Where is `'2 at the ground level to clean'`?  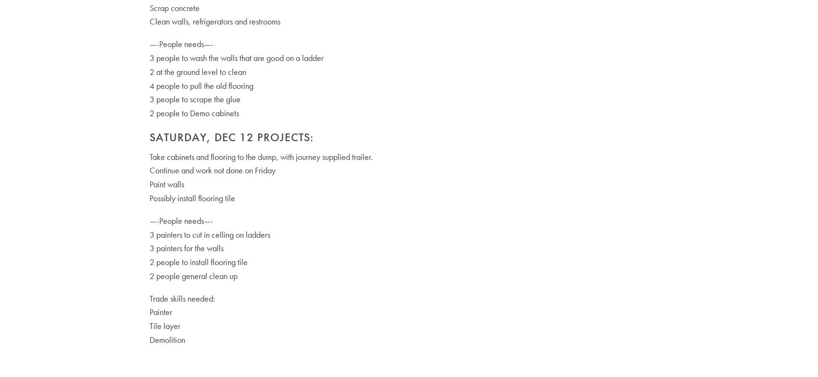 '2 at the ground level to clean' is located at coordinates (149, 71).